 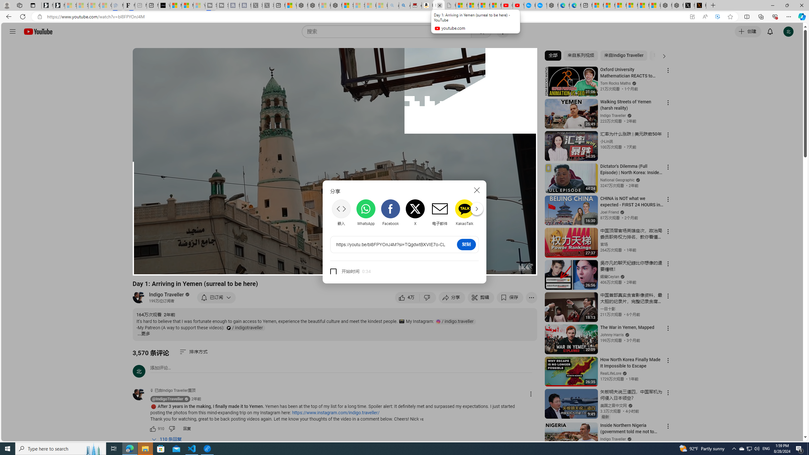 I want to click on 'App available. Install YouTube', so click(x=692, y=17).